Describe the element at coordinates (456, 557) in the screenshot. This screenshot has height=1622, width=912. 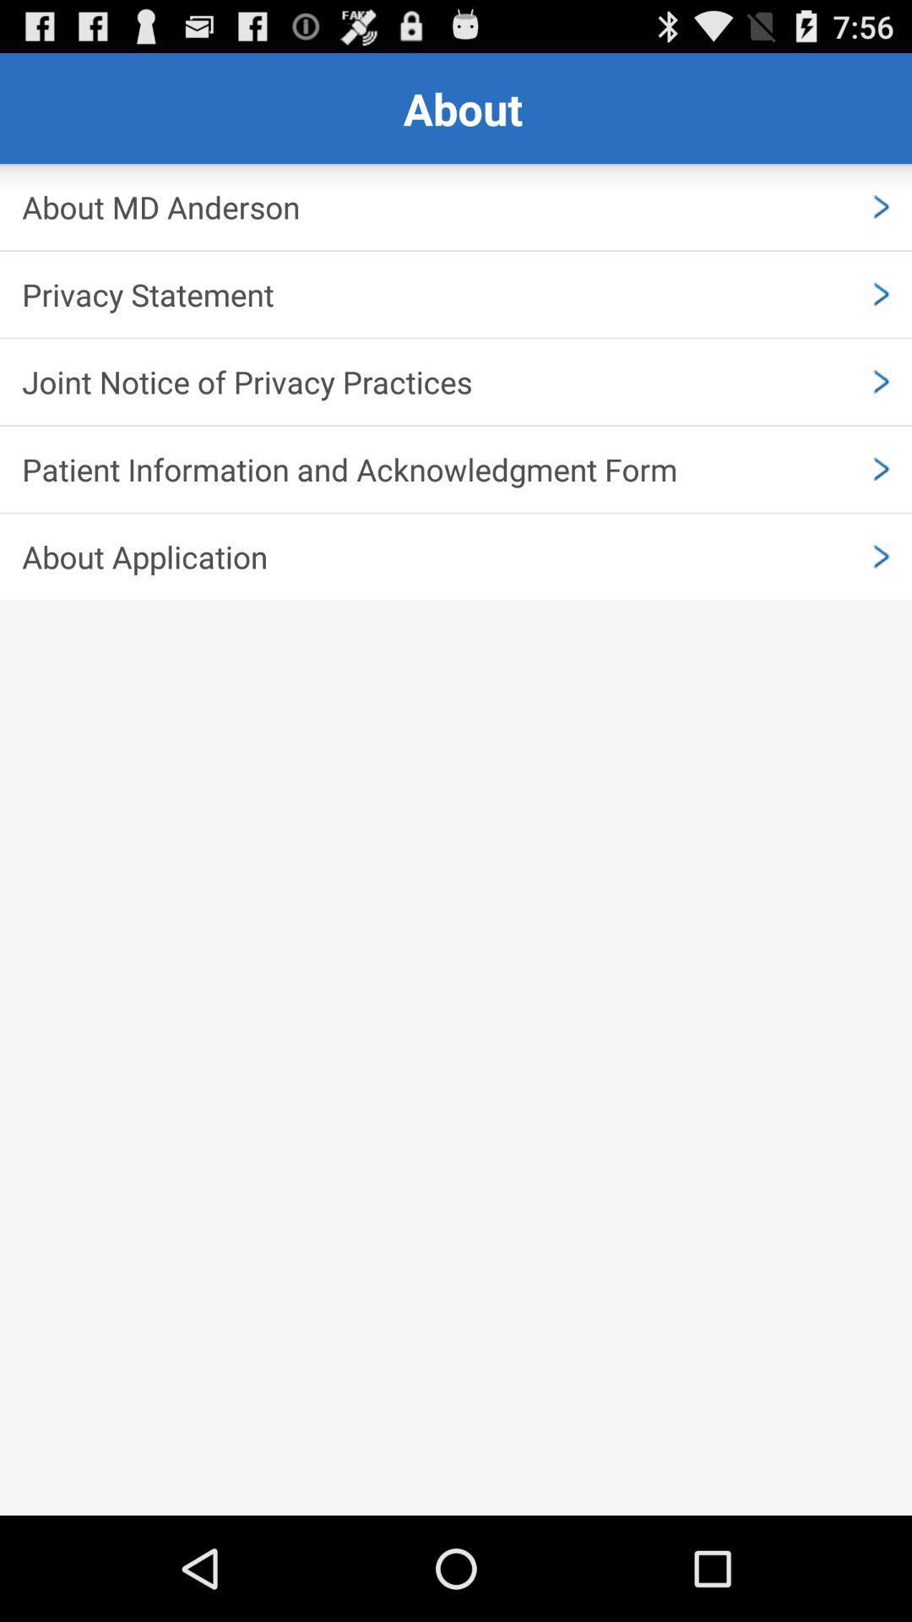
I see `item at the center` at that location.